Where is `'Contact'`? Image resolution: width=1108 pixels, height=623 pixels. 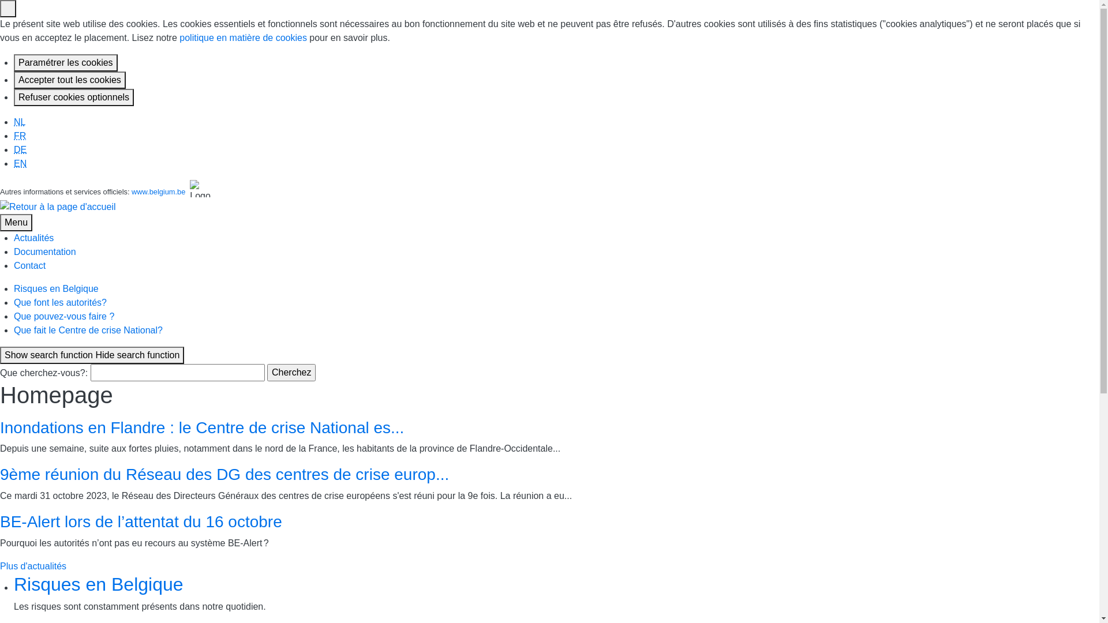
'Contact' is located at coordinates (29, 265).